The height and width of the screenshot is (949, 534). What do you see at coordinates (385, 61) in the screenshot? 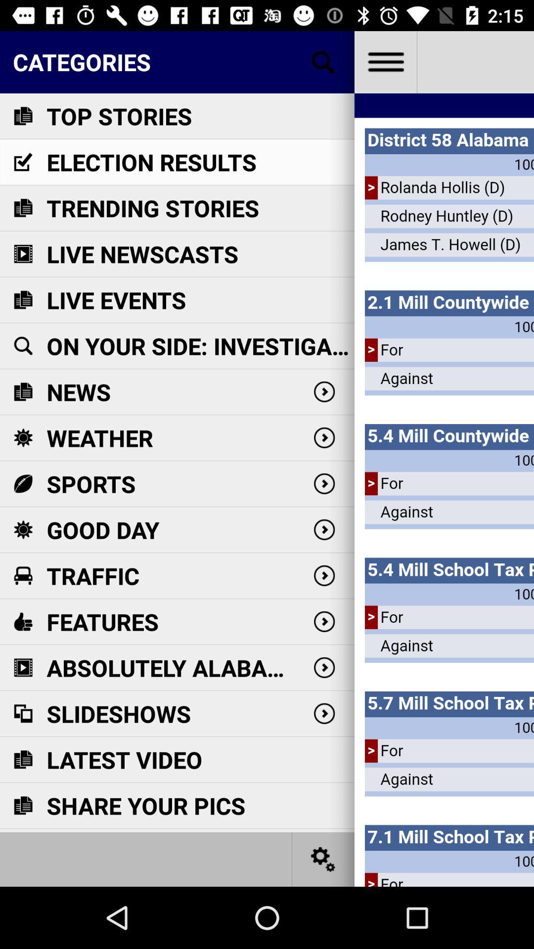
I see `menu icon` at bounding box center [385, 61].